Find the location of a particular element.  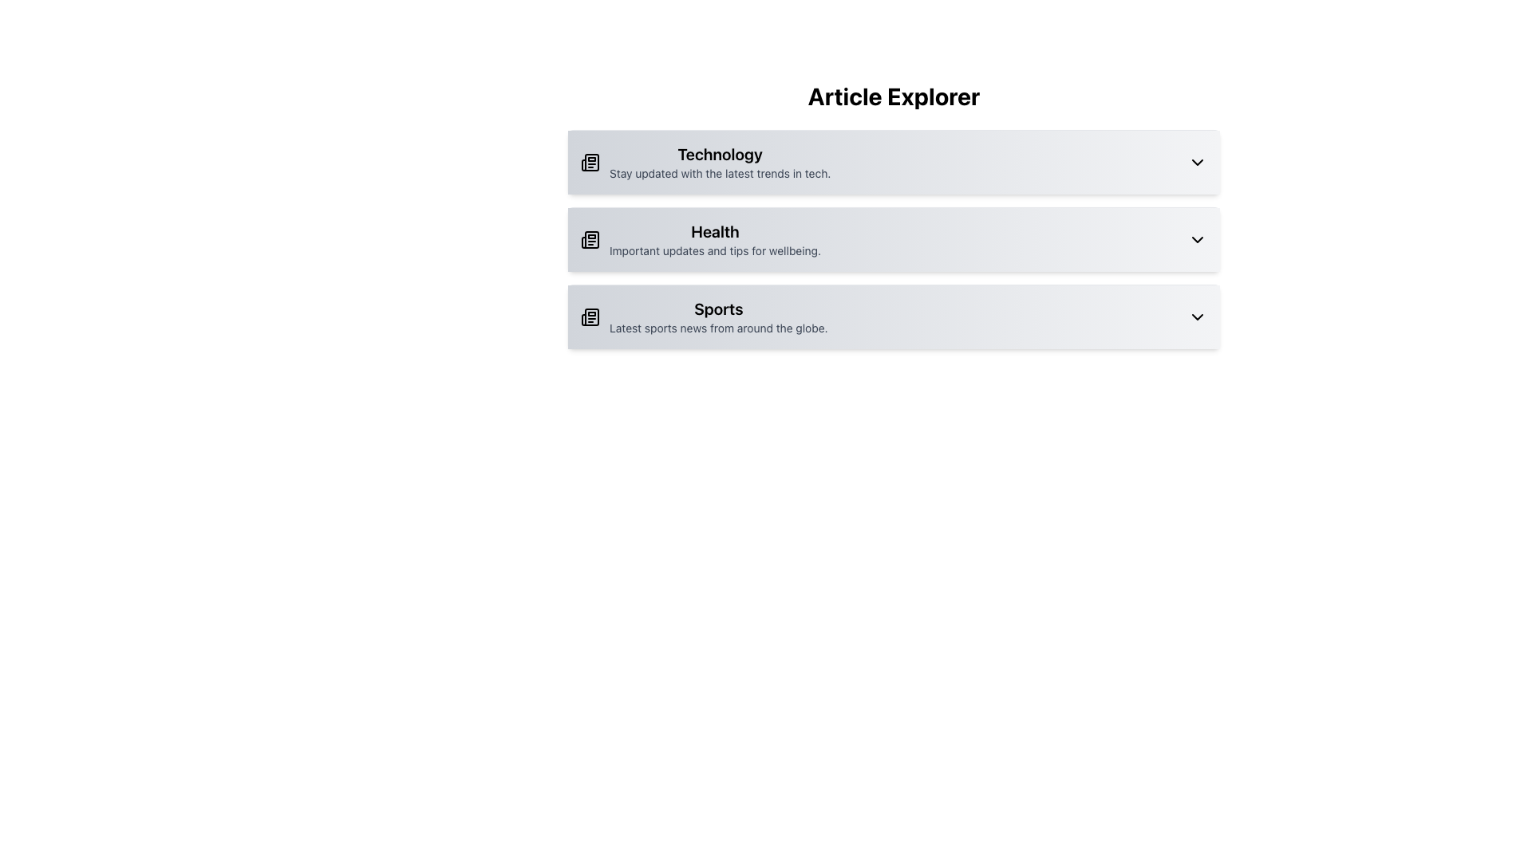

the second selectable card in the list under the 'Article Explorer' header for keyboard interaction is located at coordinates (894, 239).